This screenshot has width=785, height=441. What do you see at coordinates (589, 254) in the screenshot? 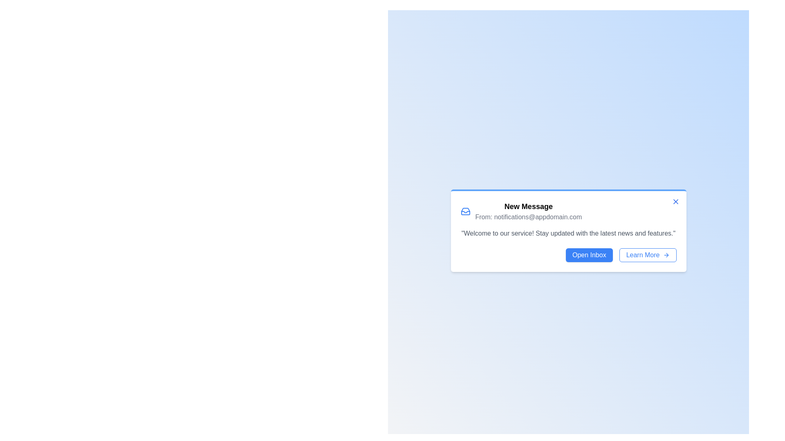
I see `the 'Open Inbox' button to open the inbox` at bounding box center [589, 254].